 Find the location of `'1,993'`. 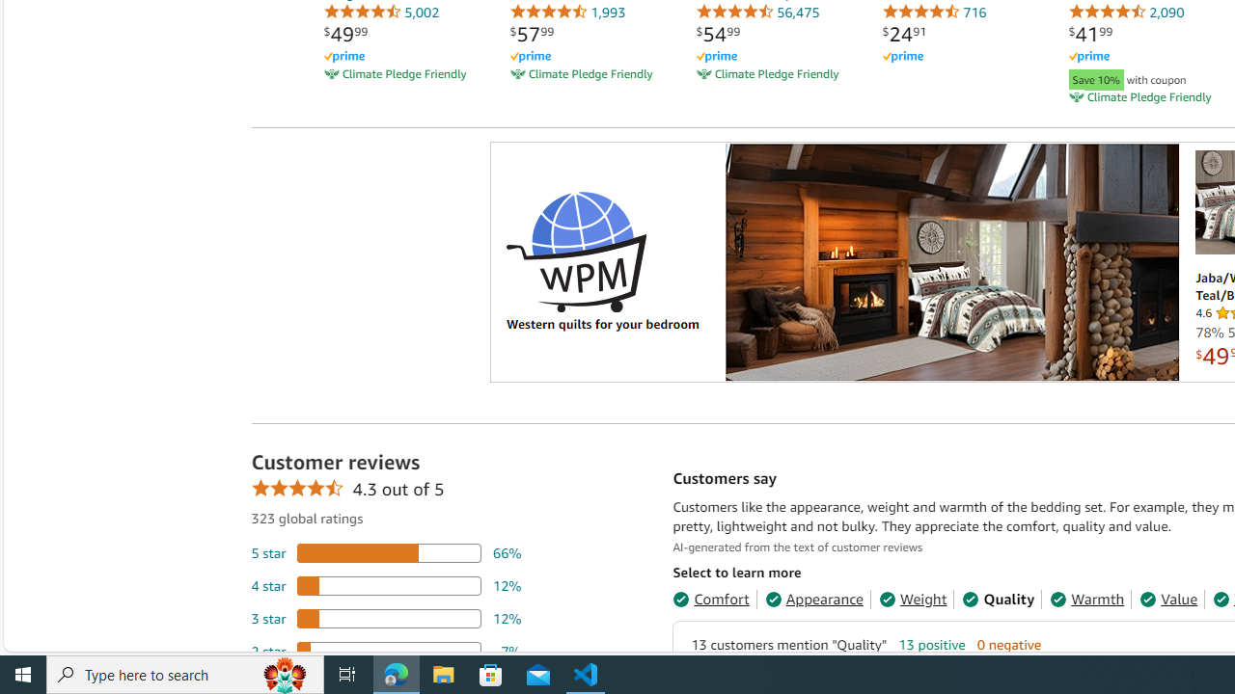

'1,993' is located at coordinates (566, 12).